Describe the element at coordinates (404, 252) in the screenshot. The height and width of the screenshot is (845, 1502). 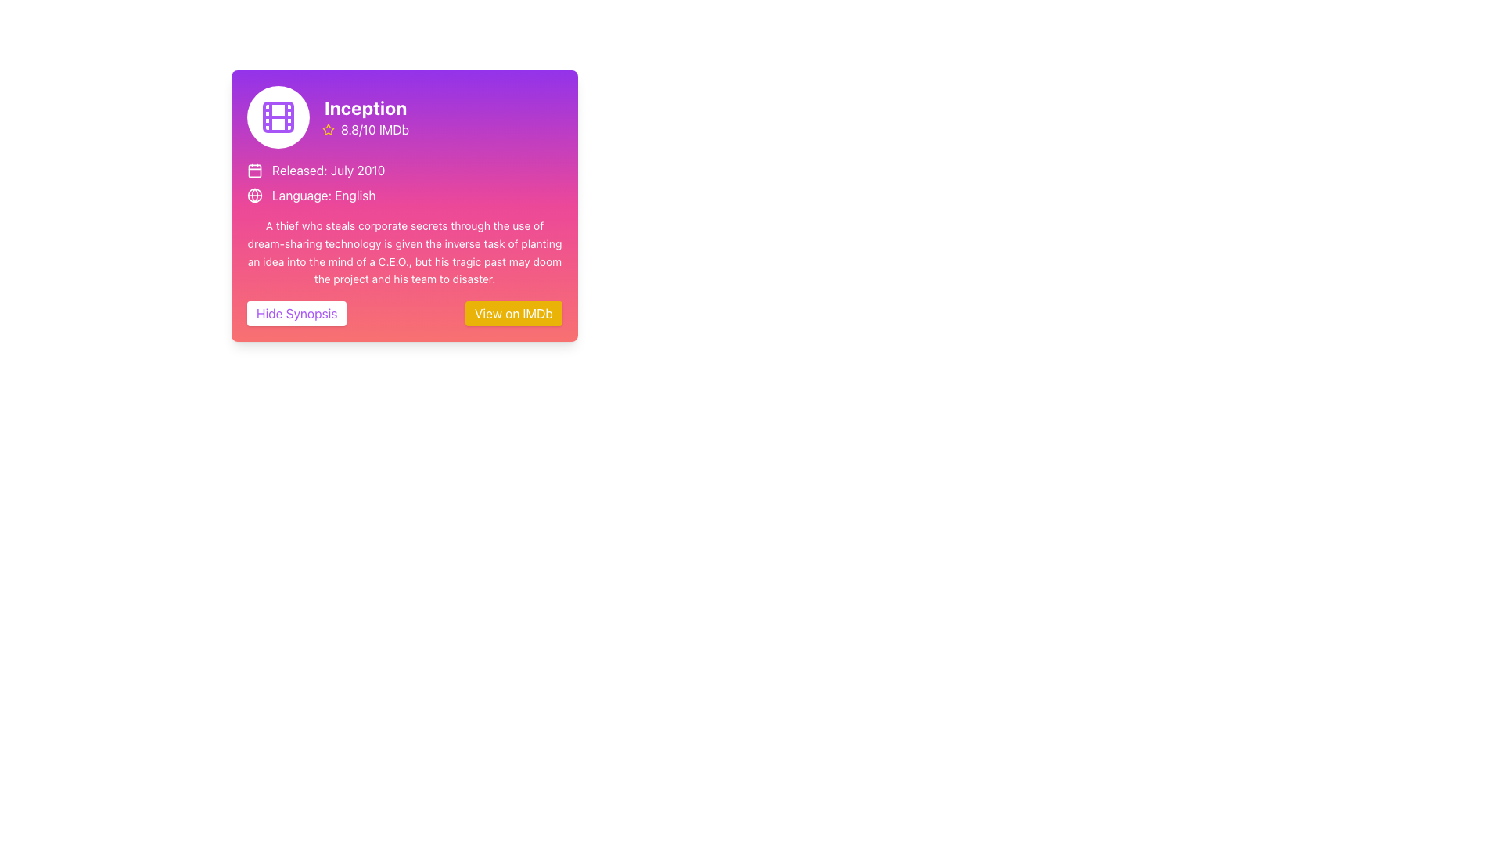
I see `the third text block in the movie card layout that provides the synopsis of the movie, located below the 'Released: July 2010' and 'Language: English' details` at that location.